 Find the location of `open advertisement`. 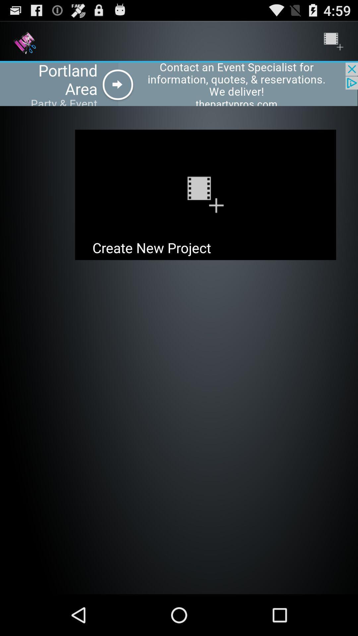

open advertisement is located at coordinates (179, 84).